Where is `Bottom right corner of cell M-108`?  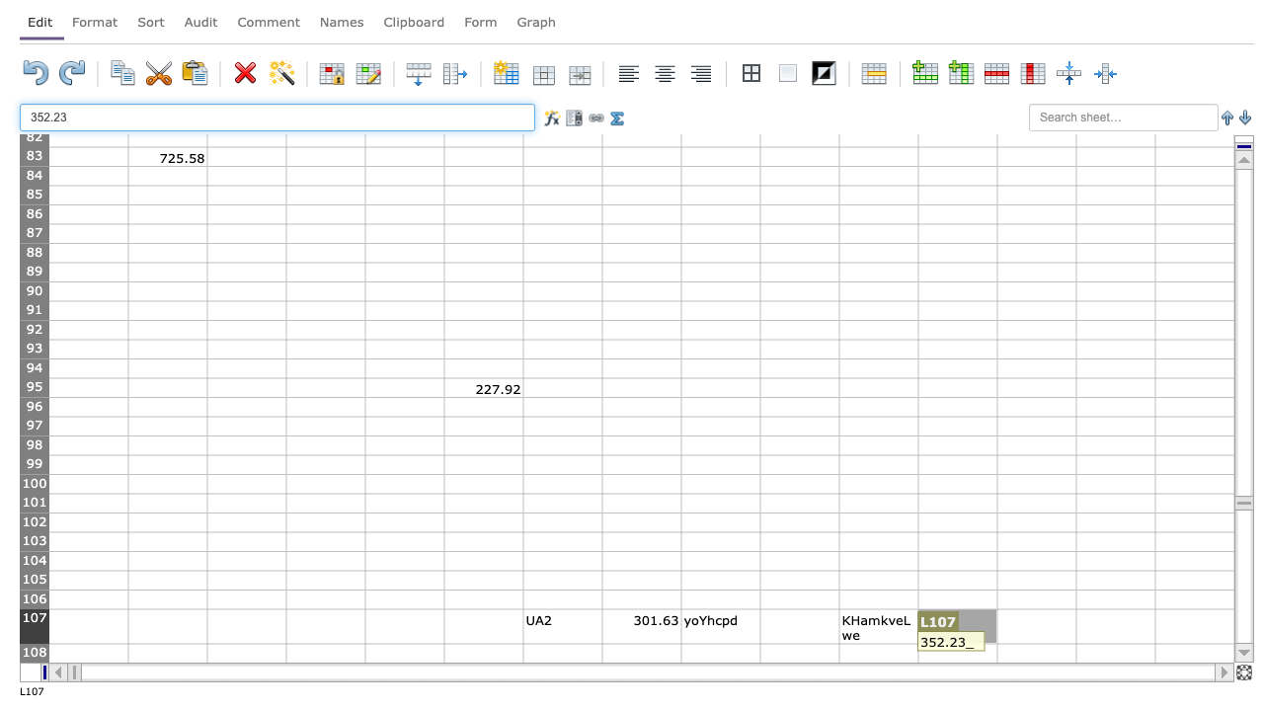
Bottom right corner of cell M-108 is located at coordinates (1075, 663).